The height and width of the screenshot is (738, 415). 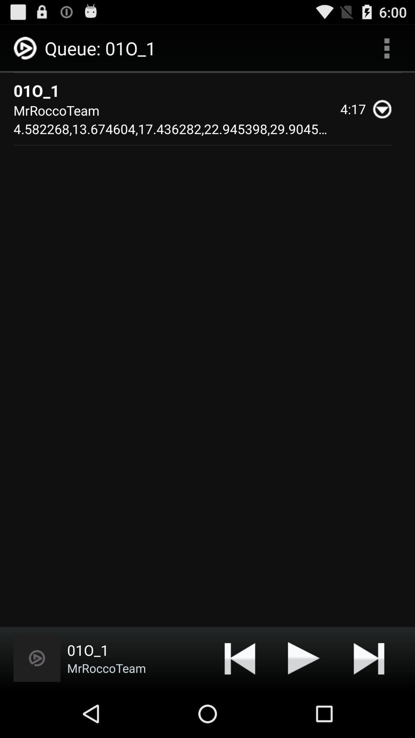 I want to click on the item to the right of 4:17, so click(x=385, y=108).